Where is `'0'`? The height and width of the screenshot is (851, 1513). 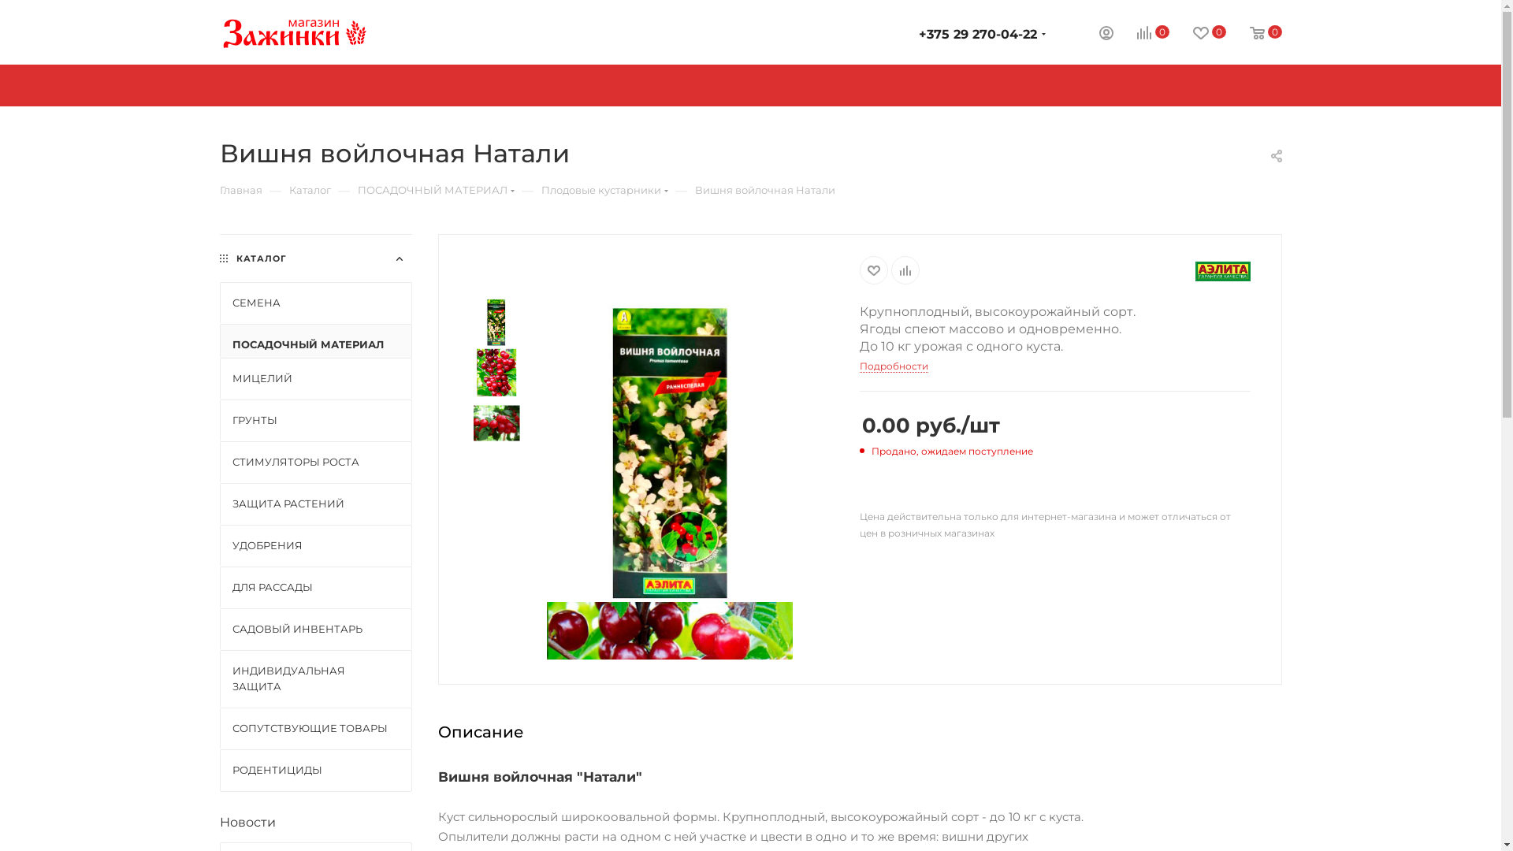 '0' is located at coordinates (1111, 33).